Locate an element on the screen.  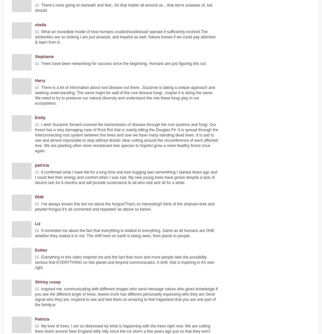
'It reminded me about the fact that everything is related to everything. Same as all humans are ONE whether they realize it or not. The shift here on earth is being seen, from plants to people.' is located at coordinates (125, 233).